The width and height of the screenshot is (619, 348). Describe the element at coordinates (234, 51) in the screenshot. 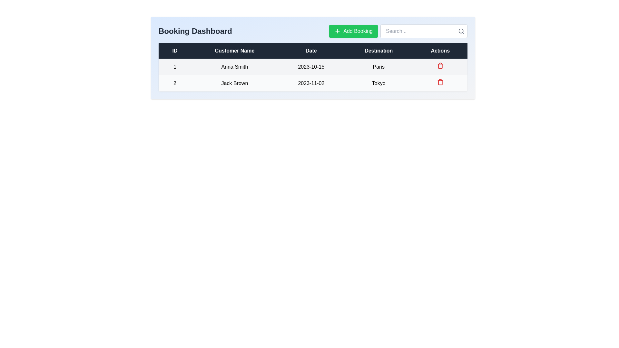

I see `the 'Customer Name' text label element, which is the second column header in the table layout, displaying prominently on a dark background` at that location.